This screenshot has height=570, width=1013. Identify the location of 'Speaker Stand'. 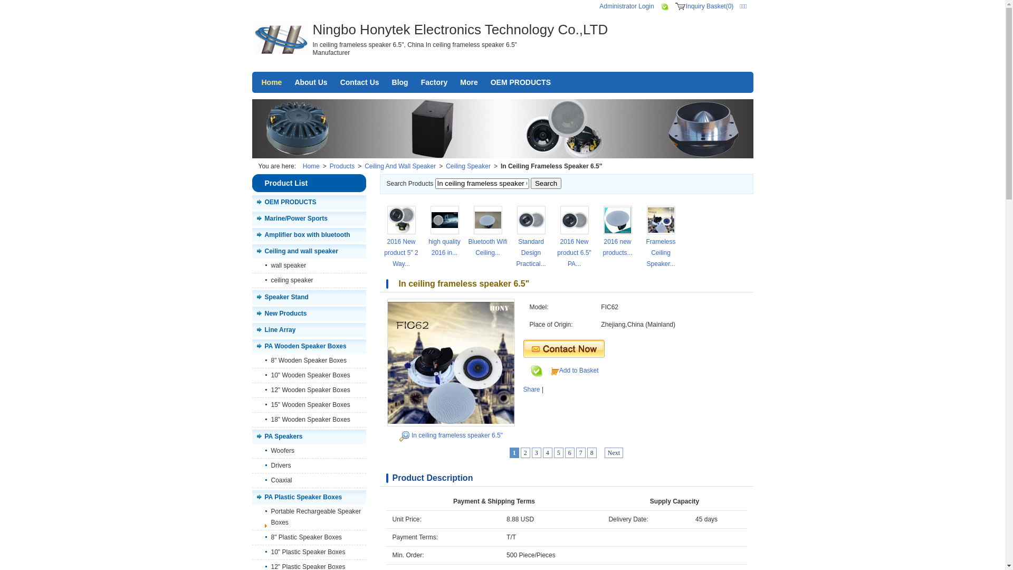
(308, 297).